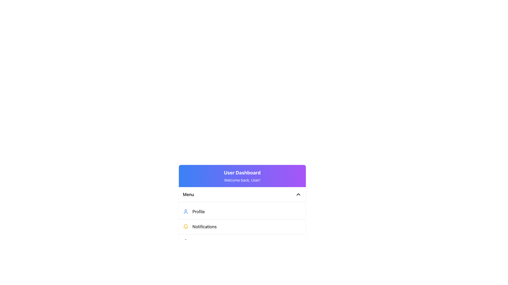 This screenshot has height=285, width=508. Describe the element at coordinates (242, 239) in the screenshot. I see `keyboard navigation` at that location.